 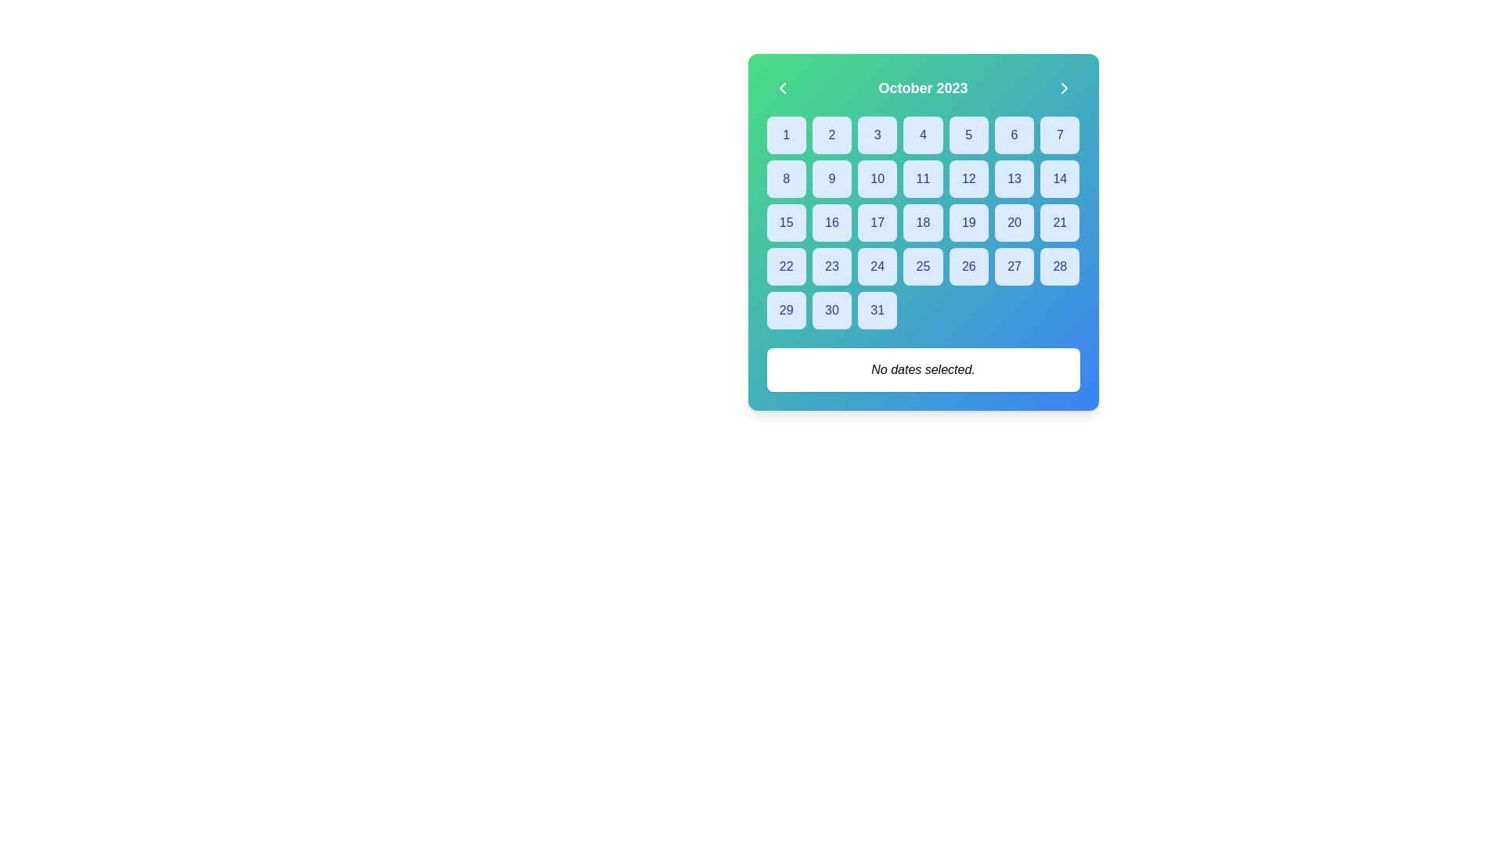 I want to click on a day in the calendar grid, so click(x=923, y=223).